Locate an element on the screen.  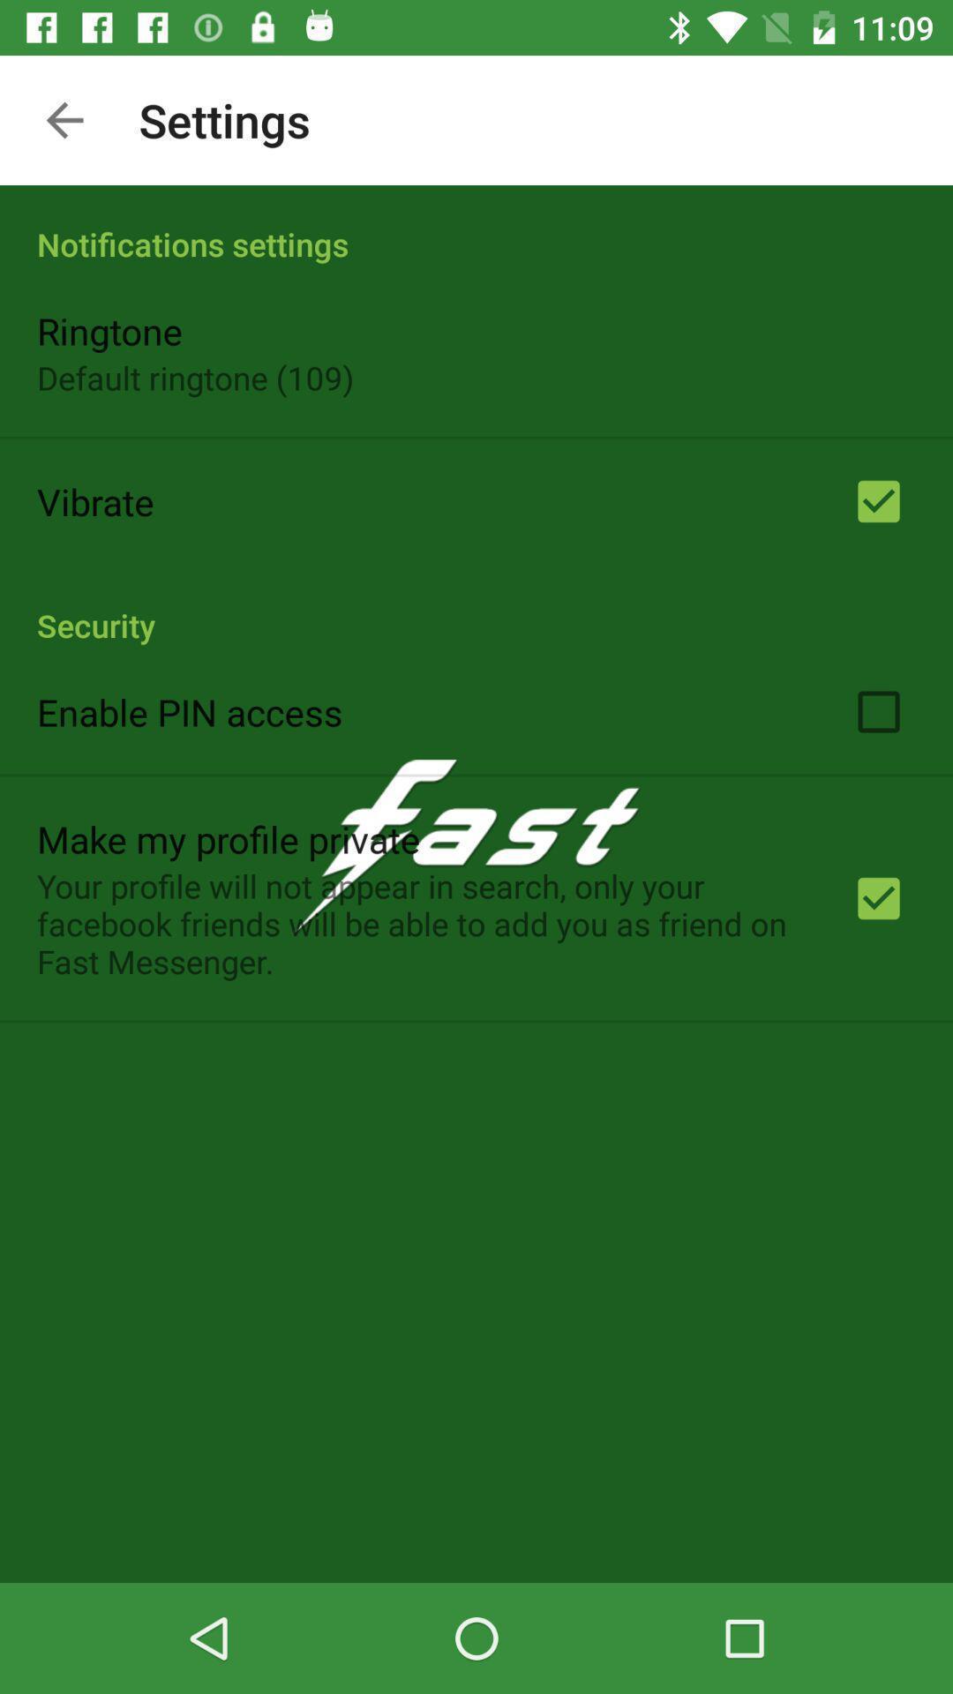
item below make my profile icon is located at coordinates (421, 922).